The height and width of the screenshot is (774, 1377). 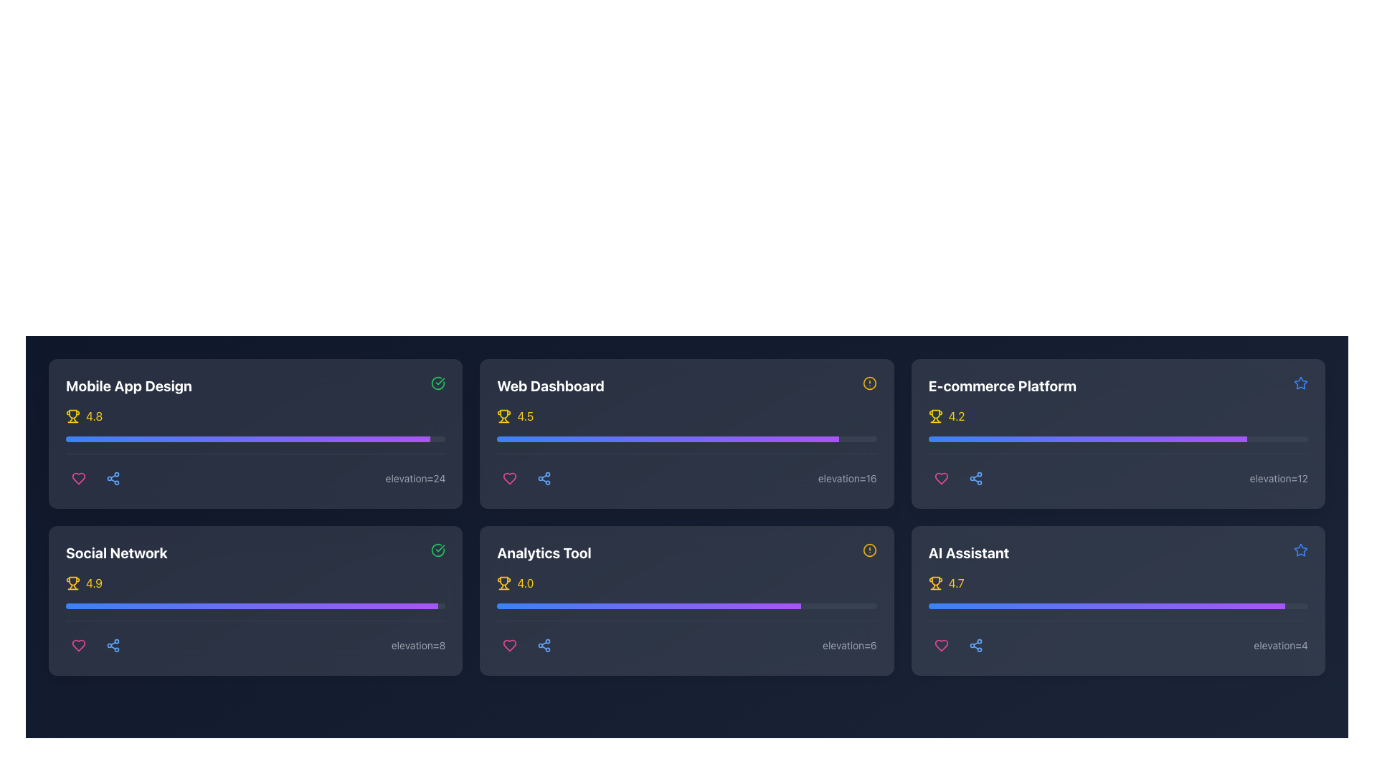 I want to click on the sharing icon located at the lower center of the 'E-commerce Platform' card, positioned to the right of the heart symbol, to initiate the sharing action, so click(x=975, y=478).